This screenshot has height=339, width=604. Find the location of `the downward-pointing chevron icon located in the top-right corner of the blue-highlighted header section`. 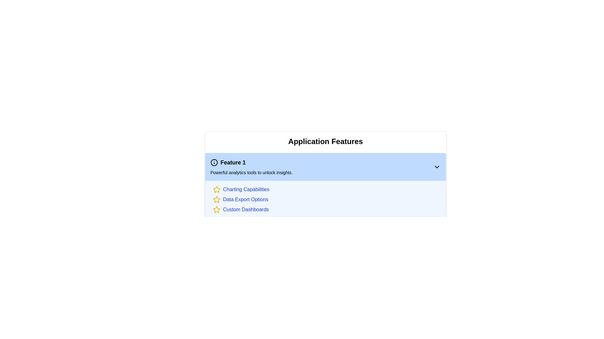

the downward-pointing chevron icon located in the top-right corner of the blue-highlighted header section is located at coordinates (436, 167).